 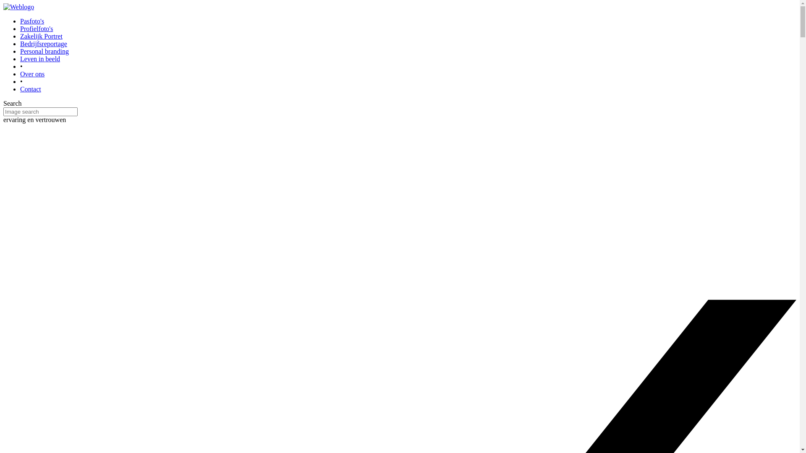 I want to click on 'Profielfoto's', so click(x=36, y=28).